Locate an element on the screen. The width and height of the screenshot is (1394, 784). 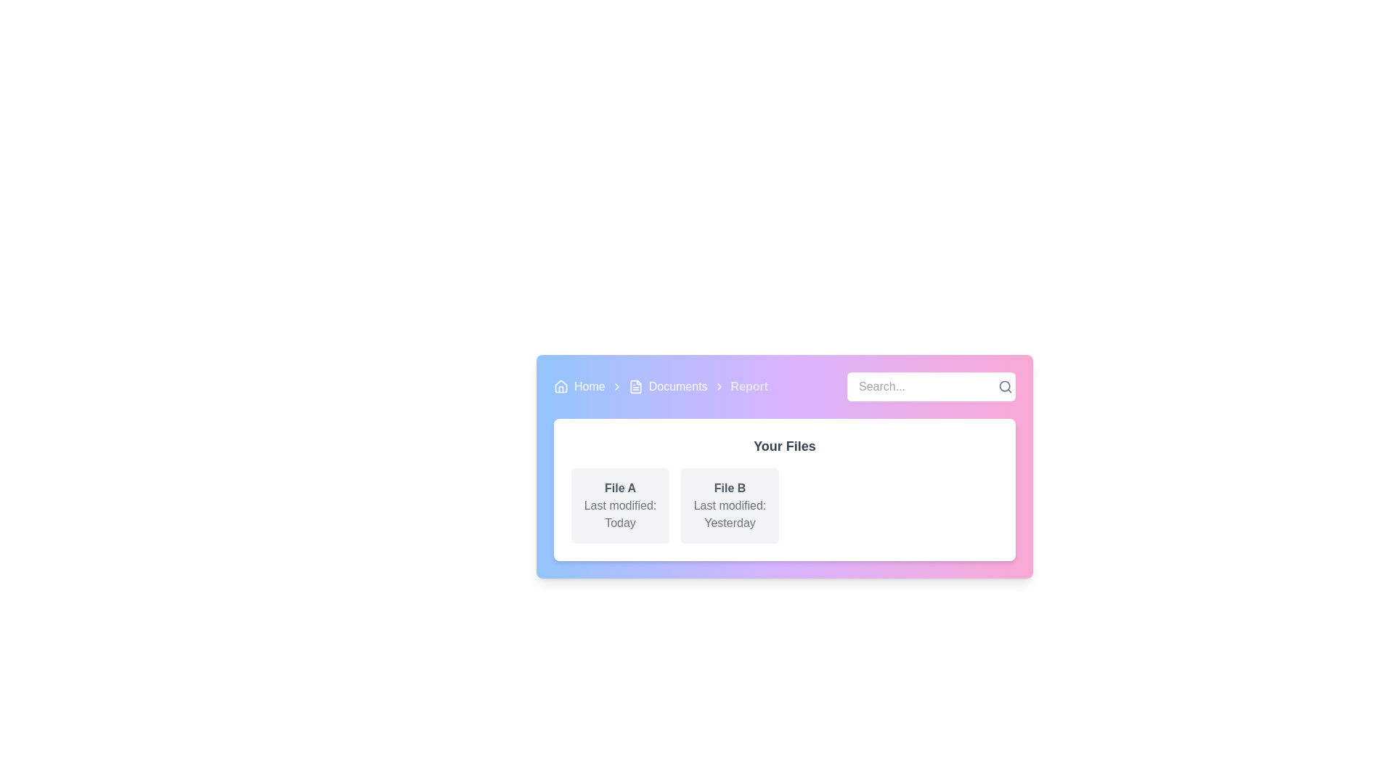
the 'Documents' text link in the upper breadcrumb navigation to trigger the underline style is located at coordinates (677, 385).